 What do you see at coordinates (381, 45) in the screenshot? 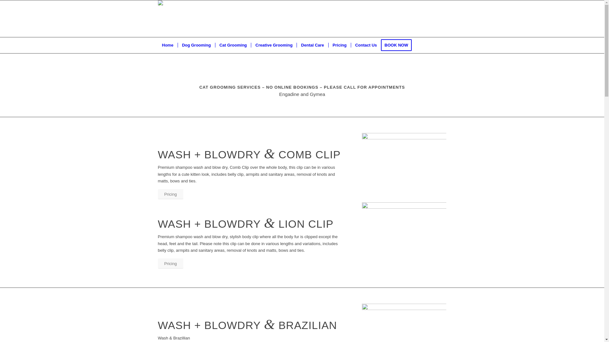
I see `'BOOK NOW'` at bounding box center [381, 45].